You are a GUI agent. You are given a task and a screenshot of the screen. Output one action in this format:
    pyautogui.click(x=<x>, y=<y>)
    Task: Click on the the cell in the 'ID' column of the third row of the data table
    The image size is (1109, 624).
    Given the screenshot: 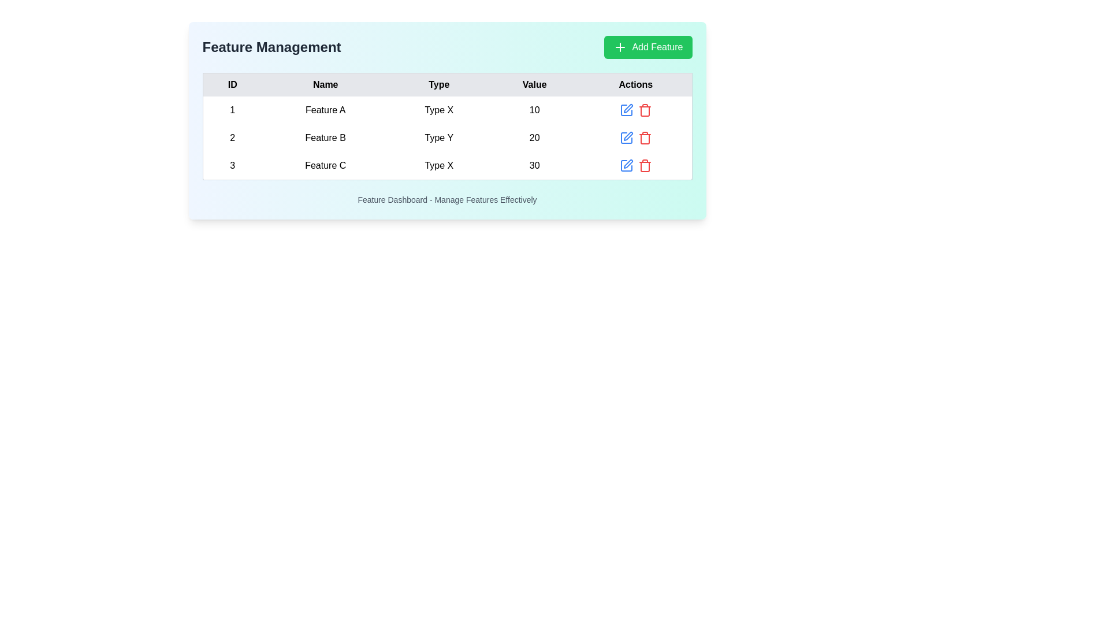 What is the action you would take?
    pyautogui.click(x=232, y=166)
    